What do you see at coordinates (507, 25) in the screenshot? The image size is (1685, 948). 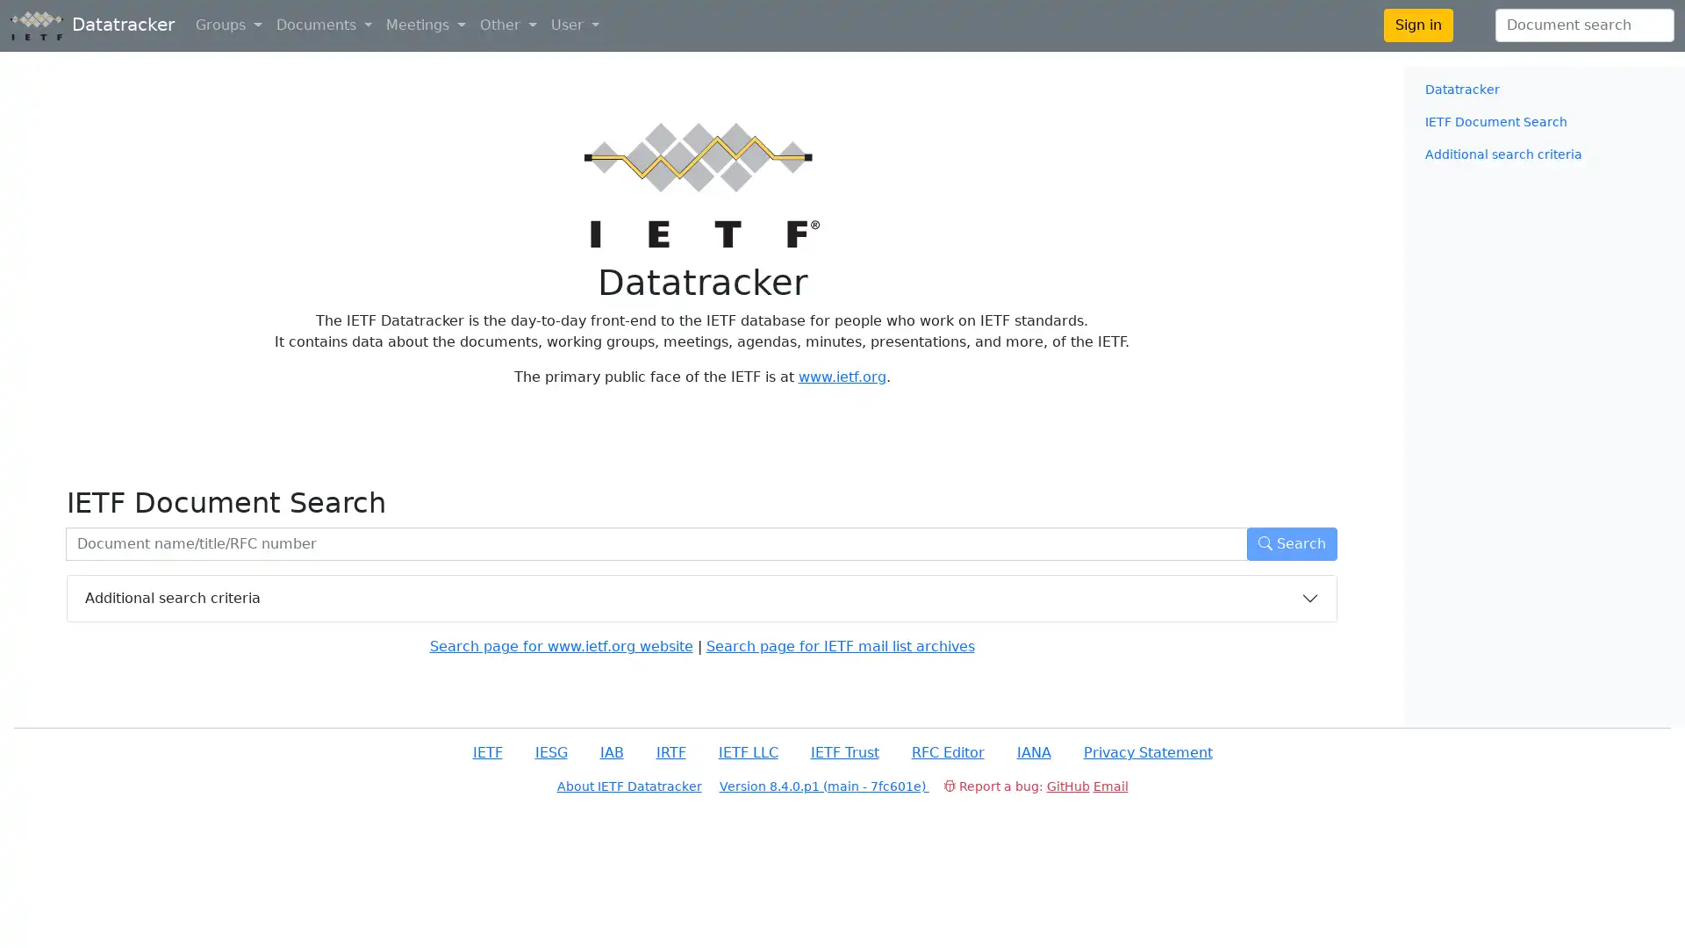 I see `Other` at bounding box center [507, 25].